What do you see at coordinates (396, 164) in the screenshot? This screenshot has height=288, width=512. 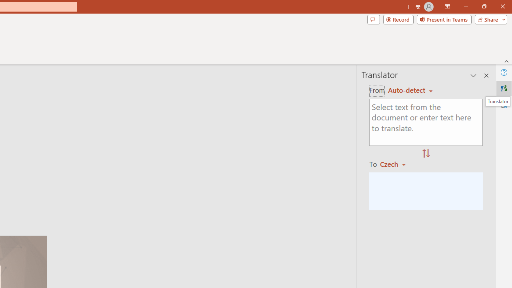 I see `'Czech'` at bounding box center [396, 164].